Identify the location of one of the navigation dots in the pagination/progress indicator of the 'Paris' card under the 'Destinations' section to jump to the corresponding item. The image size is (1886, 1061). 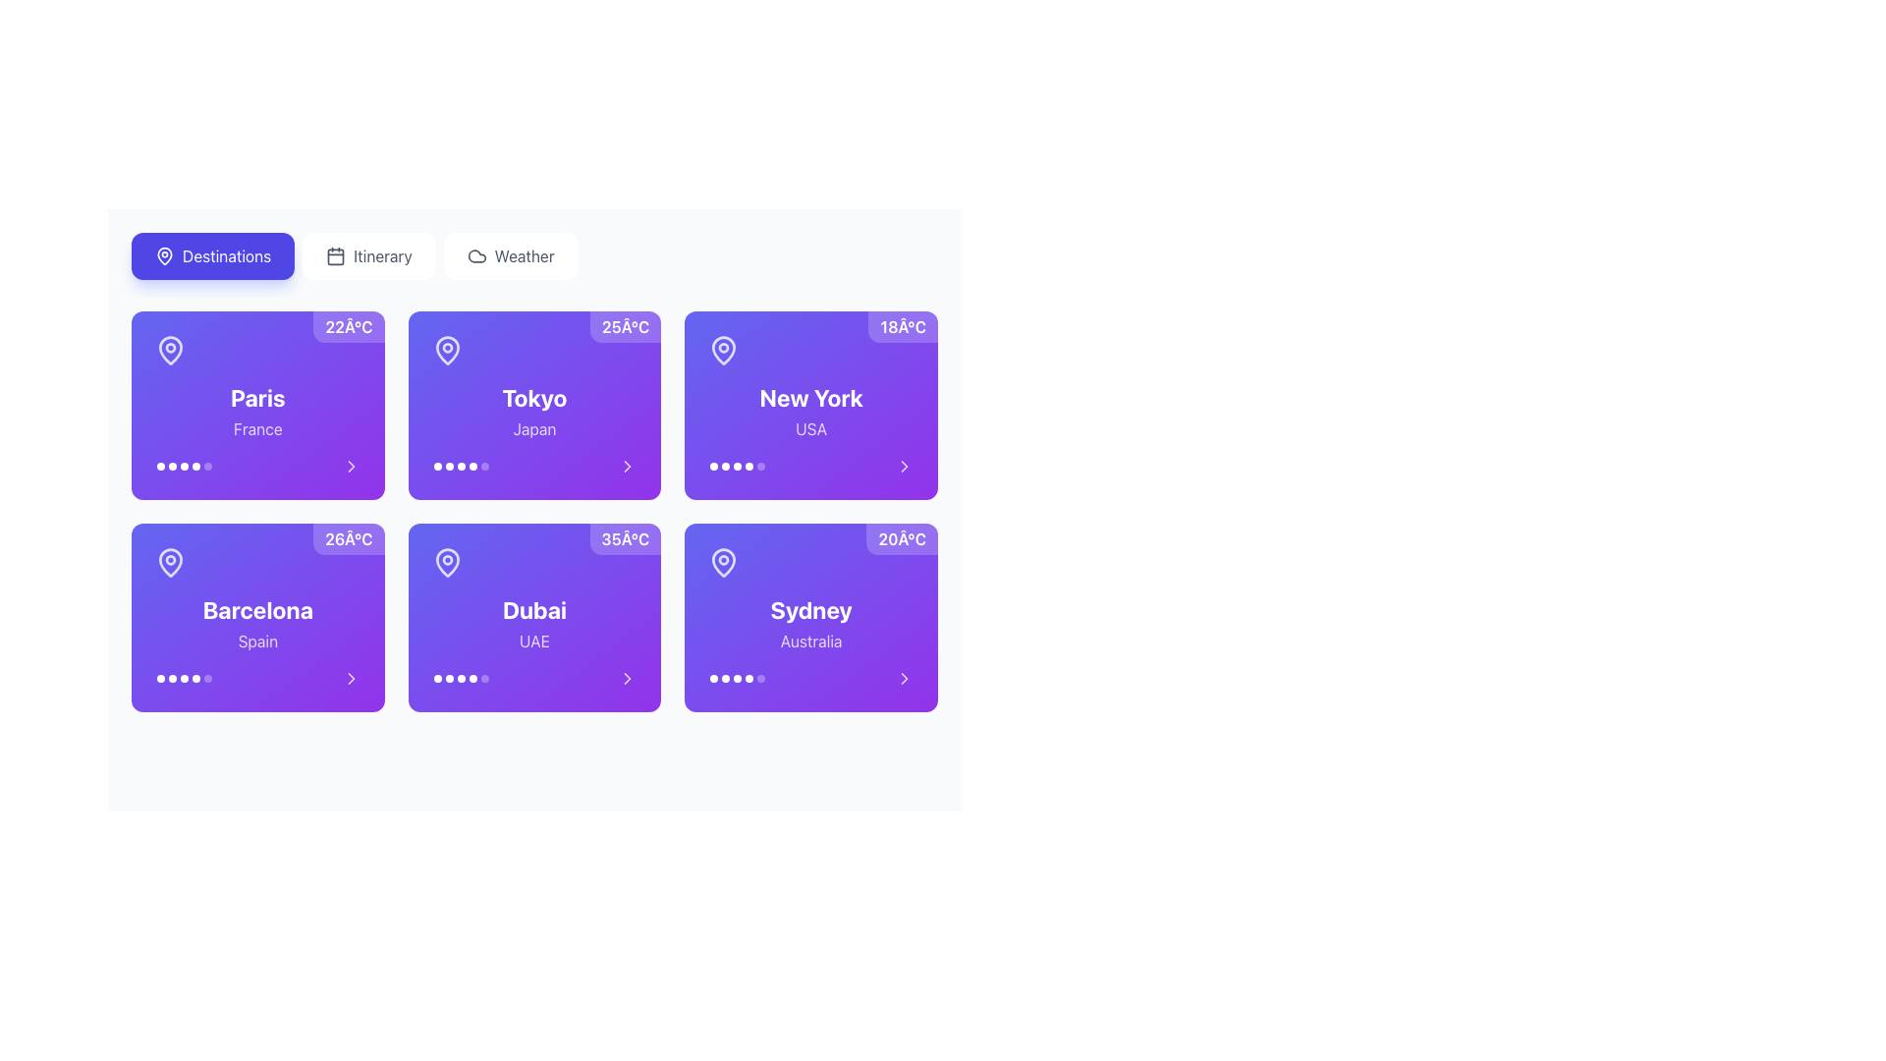
(256, 466).